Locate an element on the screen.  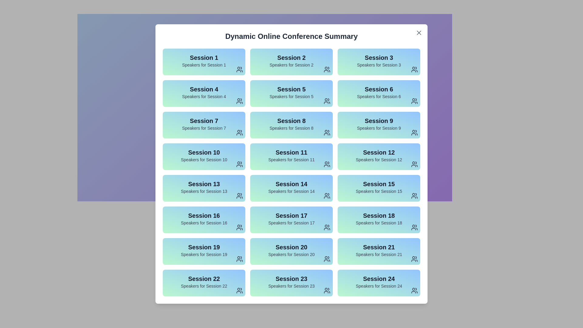
the close button at the top-right corner of the dialog is located at coordinates (419, 33).